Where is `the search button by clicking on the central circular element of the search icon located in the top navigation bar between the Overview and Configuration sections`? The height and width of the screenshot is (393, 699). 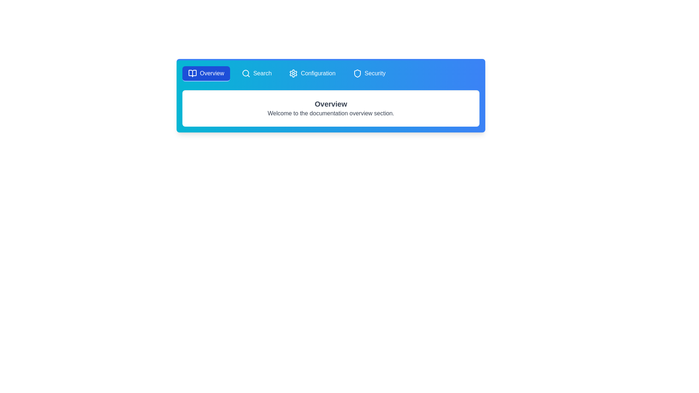
the search button by clicking on the central circular element of the search icon located in the top navigation bar between the Overview and Configuration sections is located at coordinates (245, 73).